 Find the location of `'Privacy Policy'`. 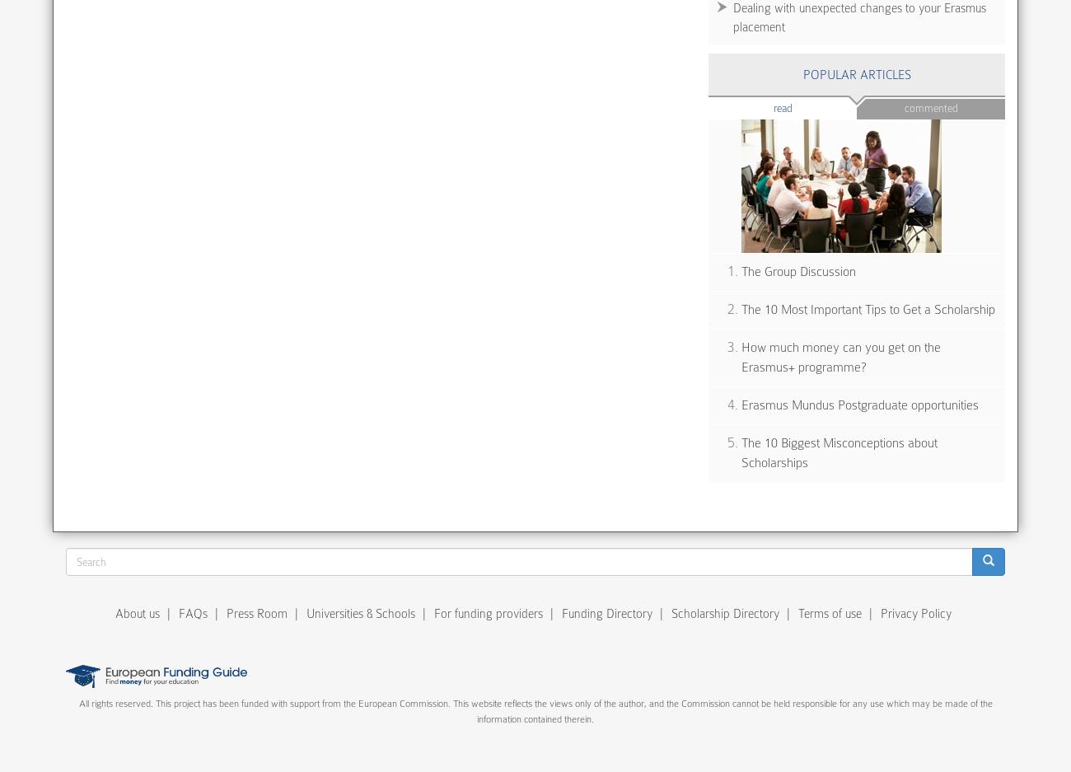

'Privacy Policy' is located at coordinates (915, 613).